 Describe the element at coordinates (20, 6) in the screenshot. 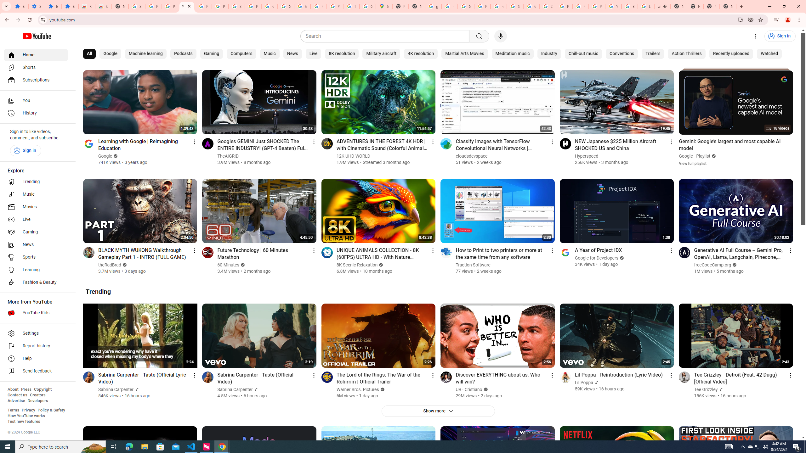

I see `'Extensions'` at that location.